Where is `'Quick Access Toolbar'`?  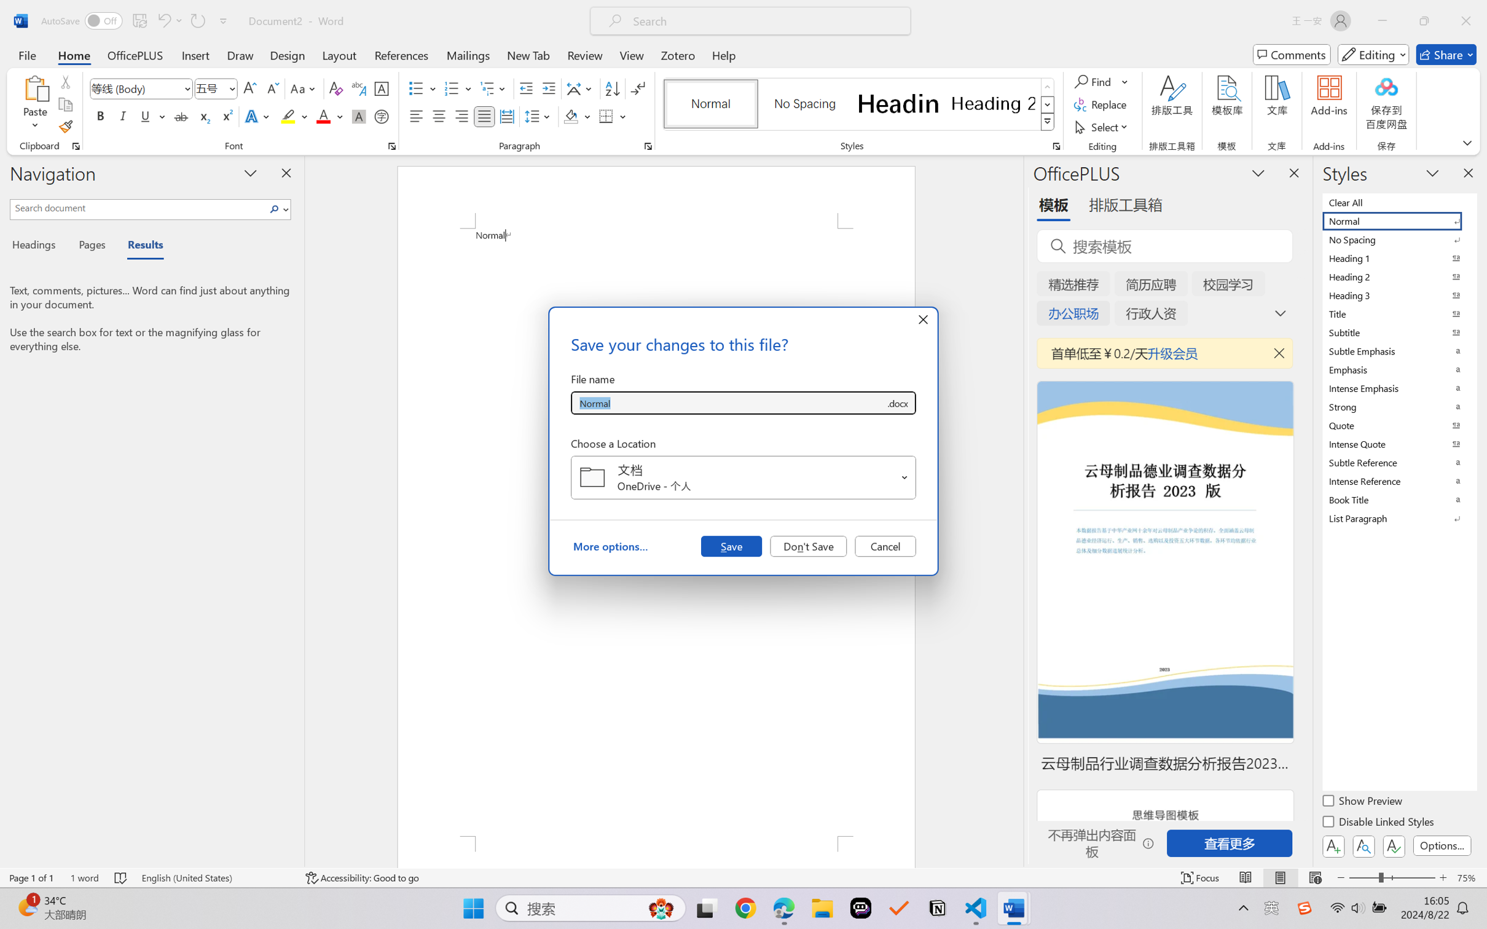
'Quick Access Toolbar' is located at coordinates (136, 20).